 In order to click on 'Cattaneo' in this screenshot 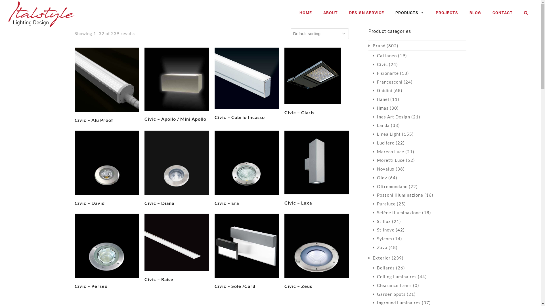, I will do `click(384, 56)`.